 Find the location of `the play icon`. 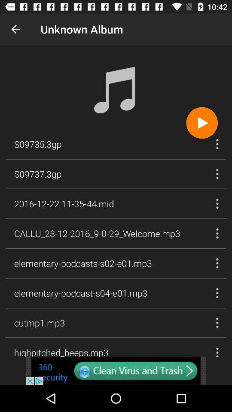

the play icon is located at coordinates (202, 122).